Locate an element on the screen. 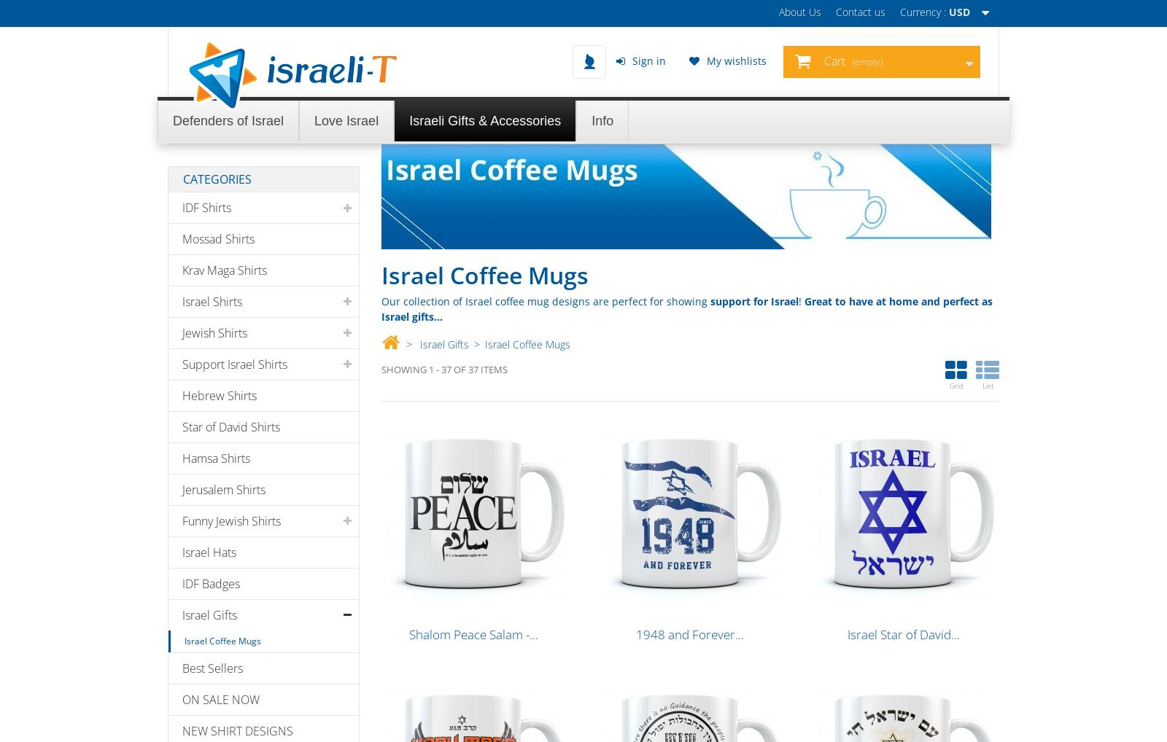 Image resolution: width=1167 pixels, height=742 pixels. 'NEW SHIRT DESIGNS' is located at coordinates (182, 731).